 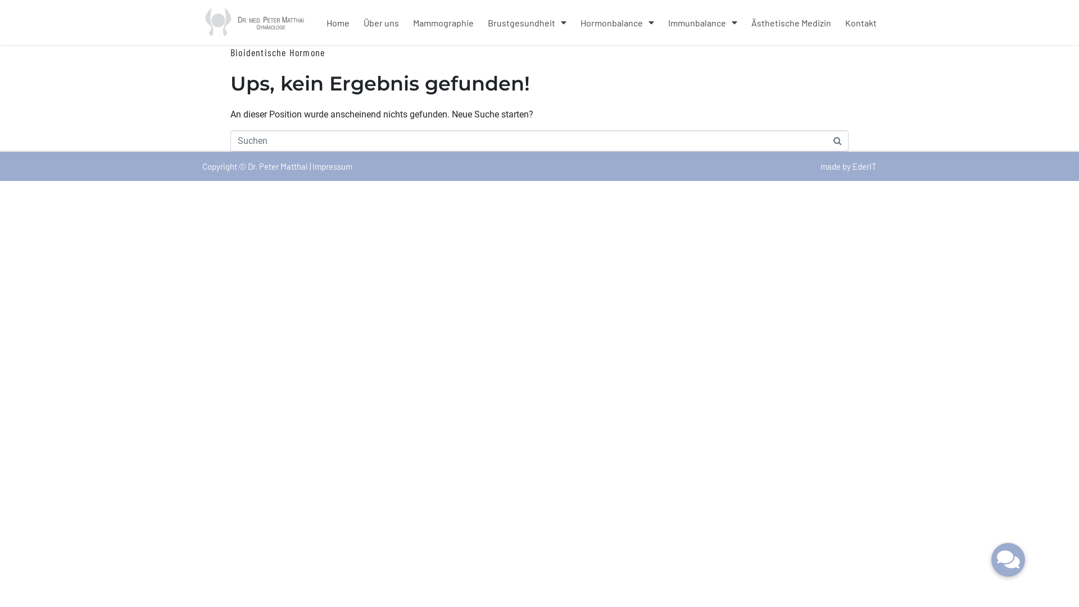 What do you see at coordinates (442, 22) in the screenshot?
I see `'Mammographie'` at bounding box center [442, 22].